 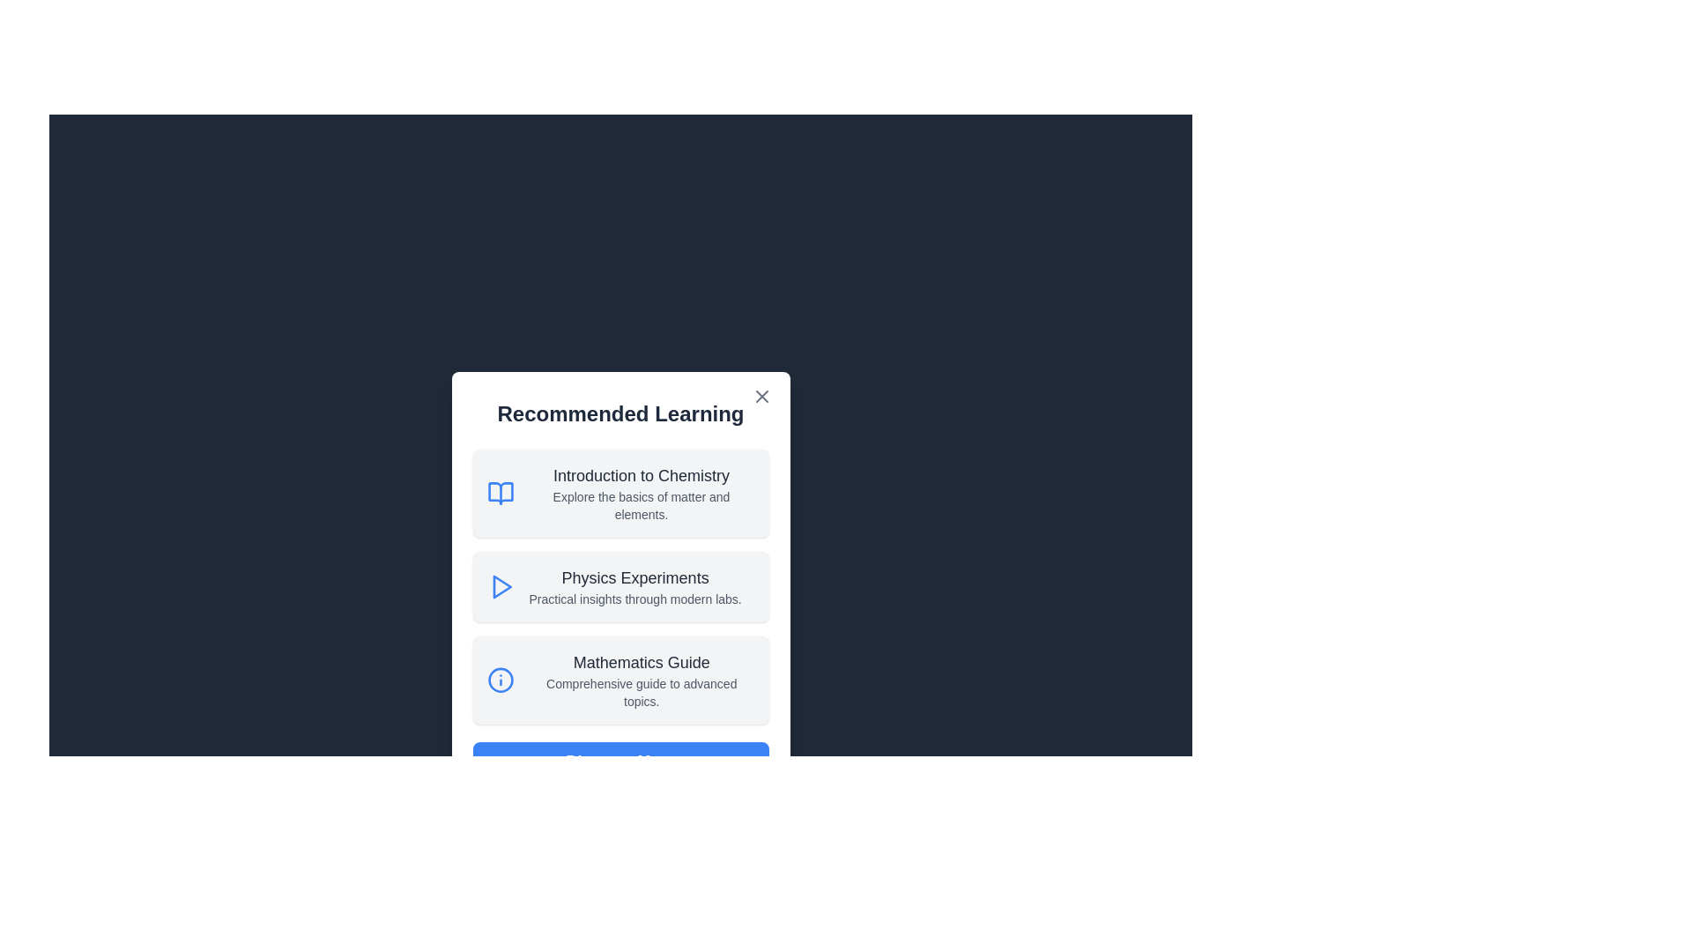 What do you see at coordinates (620, 493) in the screenshot?
I see `the first card in the 'Recommended Learning' section` at bounding box center [620, 493].